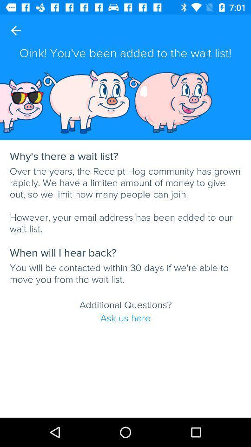  What do you see at coordinates (15, 30) in the screenshot?
I see `the arrow_backward icon` at bounding box center [15, 30].